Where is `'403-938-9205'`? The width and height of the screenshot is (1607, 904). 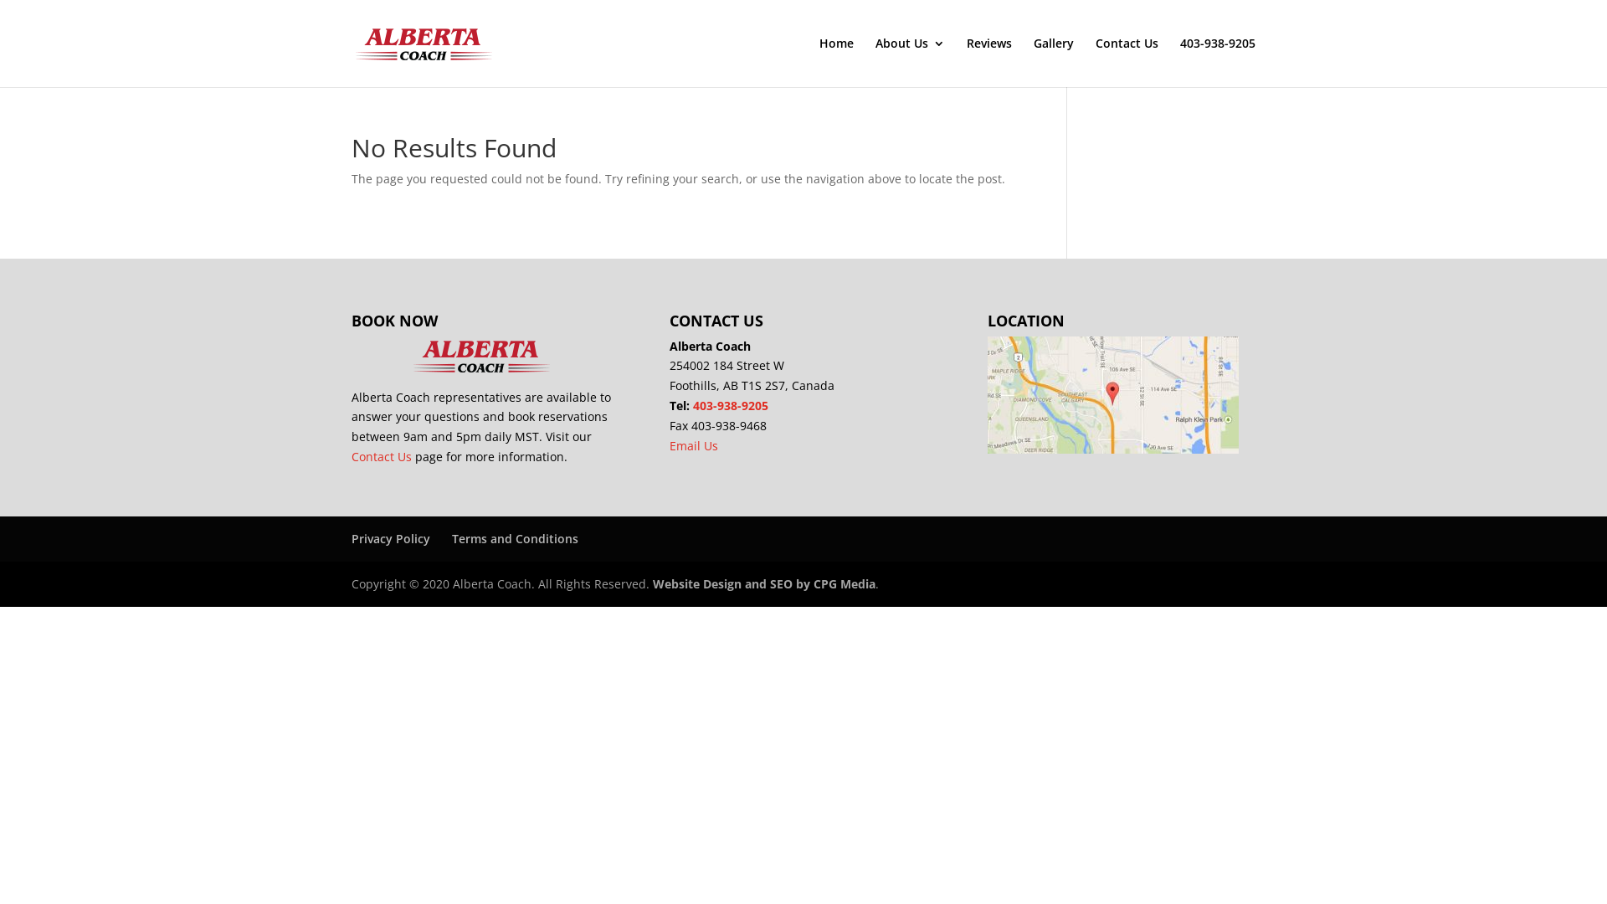 '403-938-9205' is located at coordinates (1217, 61).